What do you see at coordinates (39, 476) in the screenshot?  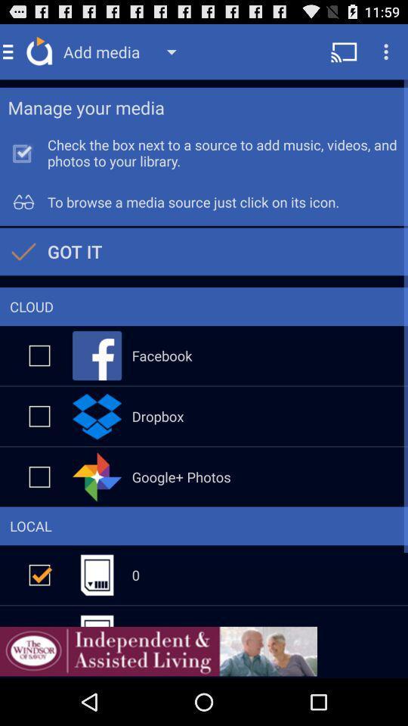 I see `gallery` at bounding box center [39, 476].